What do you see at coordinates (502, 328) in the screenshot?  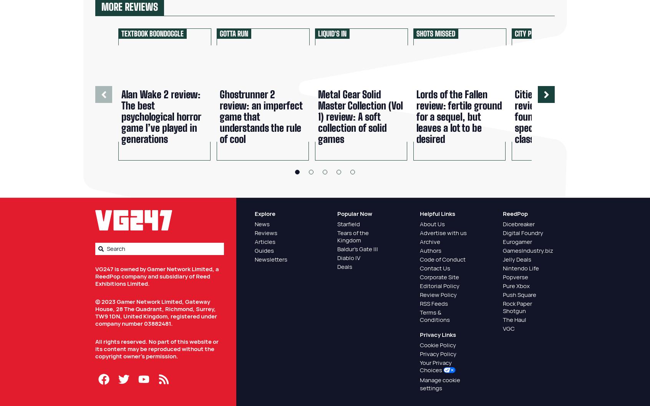 I see `'VGC'` at bounding box center [502, 328].